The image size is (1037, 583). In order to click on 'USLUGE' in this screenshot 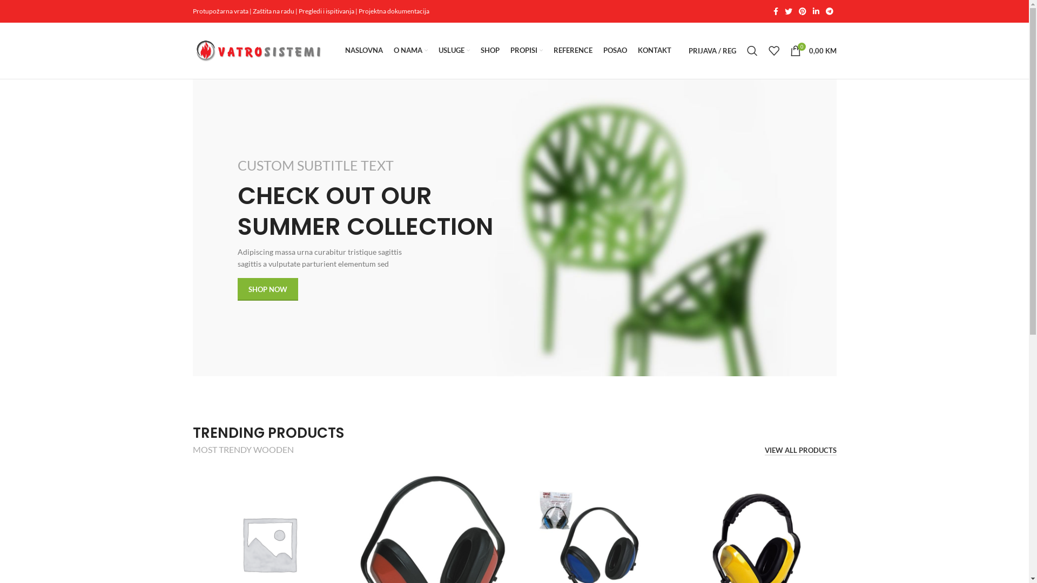, I will do `click(454, 50)`.